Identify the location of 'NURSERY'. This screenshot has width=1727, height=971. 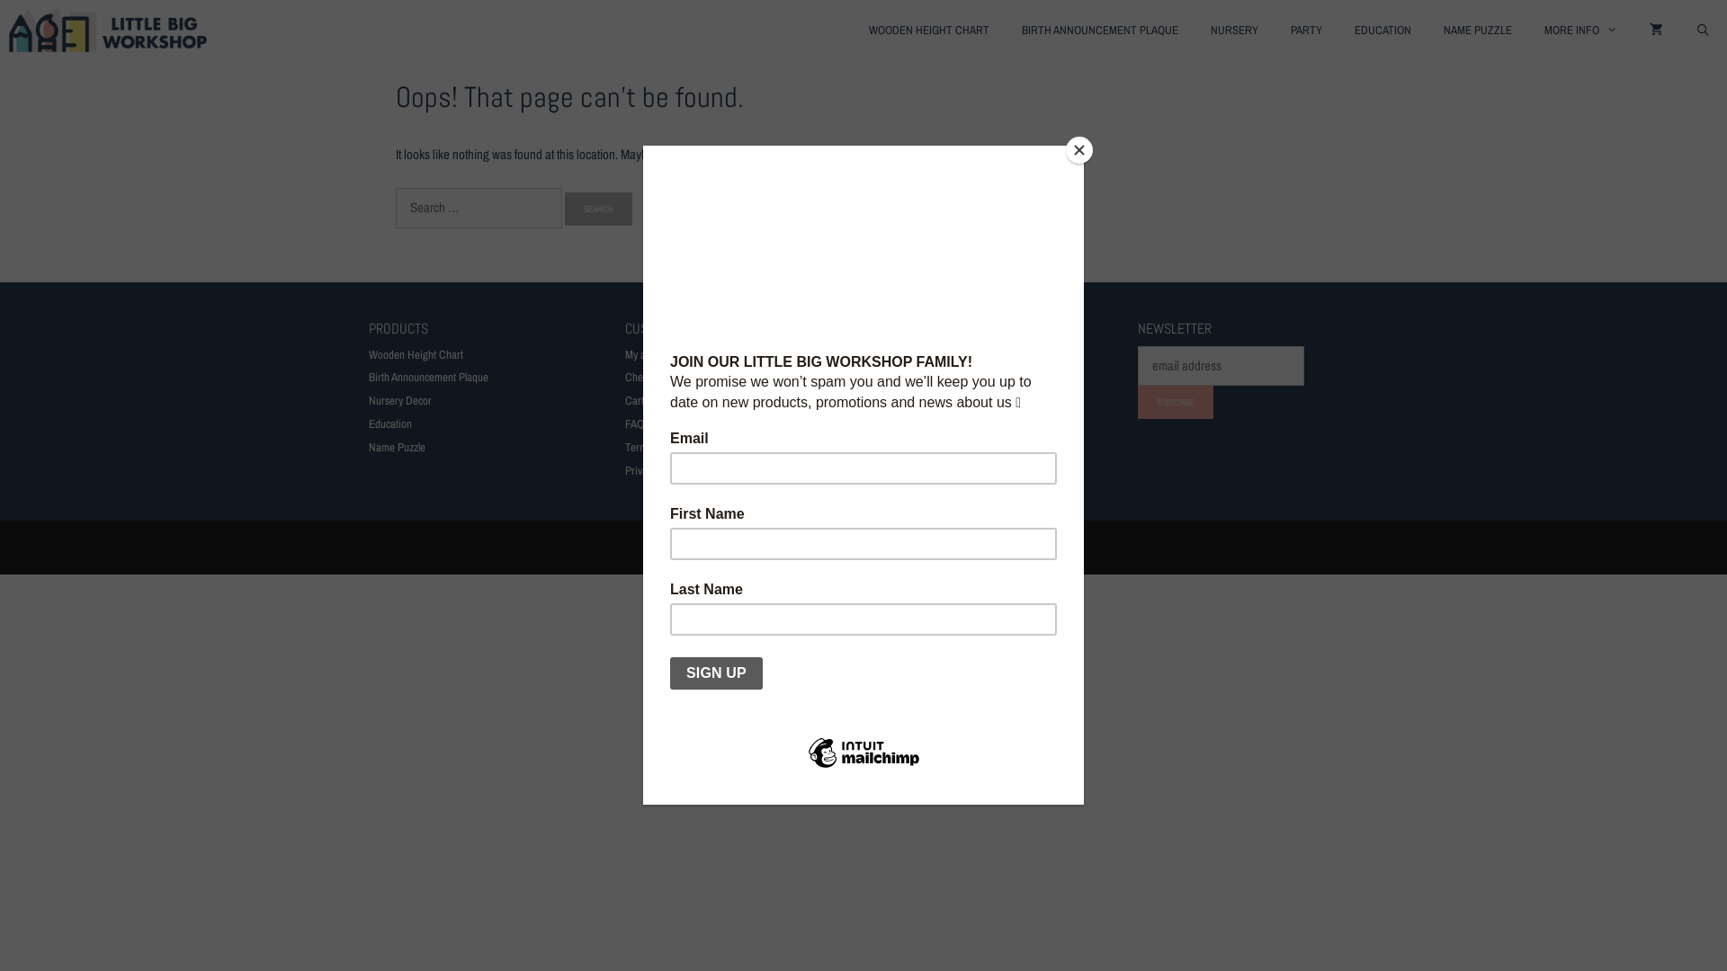
(1233, 31).